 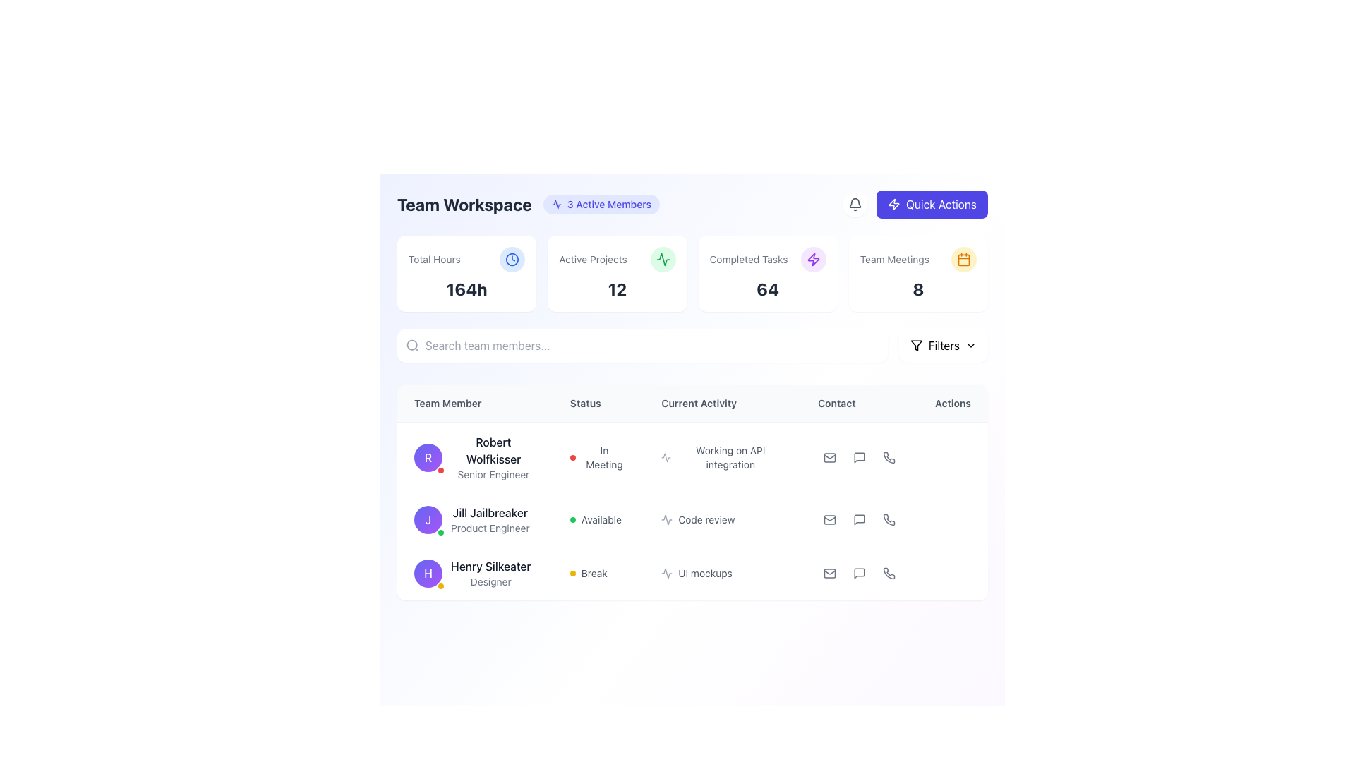 What do you see at coordinates (662, 259) in the screenshot?
I see `the green activity indicator icon styled as a waveform or pulse located within the light green circular background in the second card labeled 'Active Projects.'` at bounding box center [662, 259].